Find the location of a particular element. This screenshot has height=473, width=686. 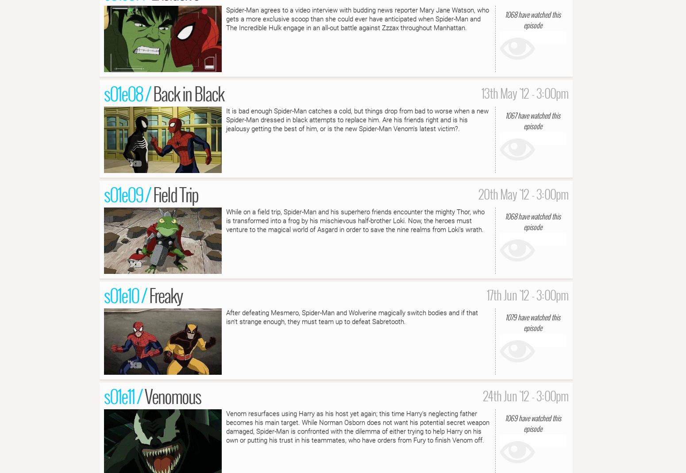

'1079' is located at coordinates (510, 316).